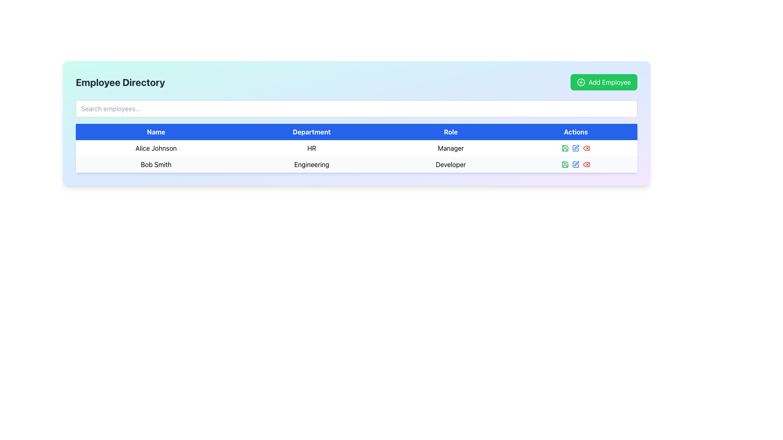 This screenshot has height=440, width=783. What do you see at coordinates (450, 148) in the screenshot?
I see `the text label displaying 'Manager' in the Role column of the table, which is aligned with the row for 'Alice Johnson'` at bounding box center [450, 148].